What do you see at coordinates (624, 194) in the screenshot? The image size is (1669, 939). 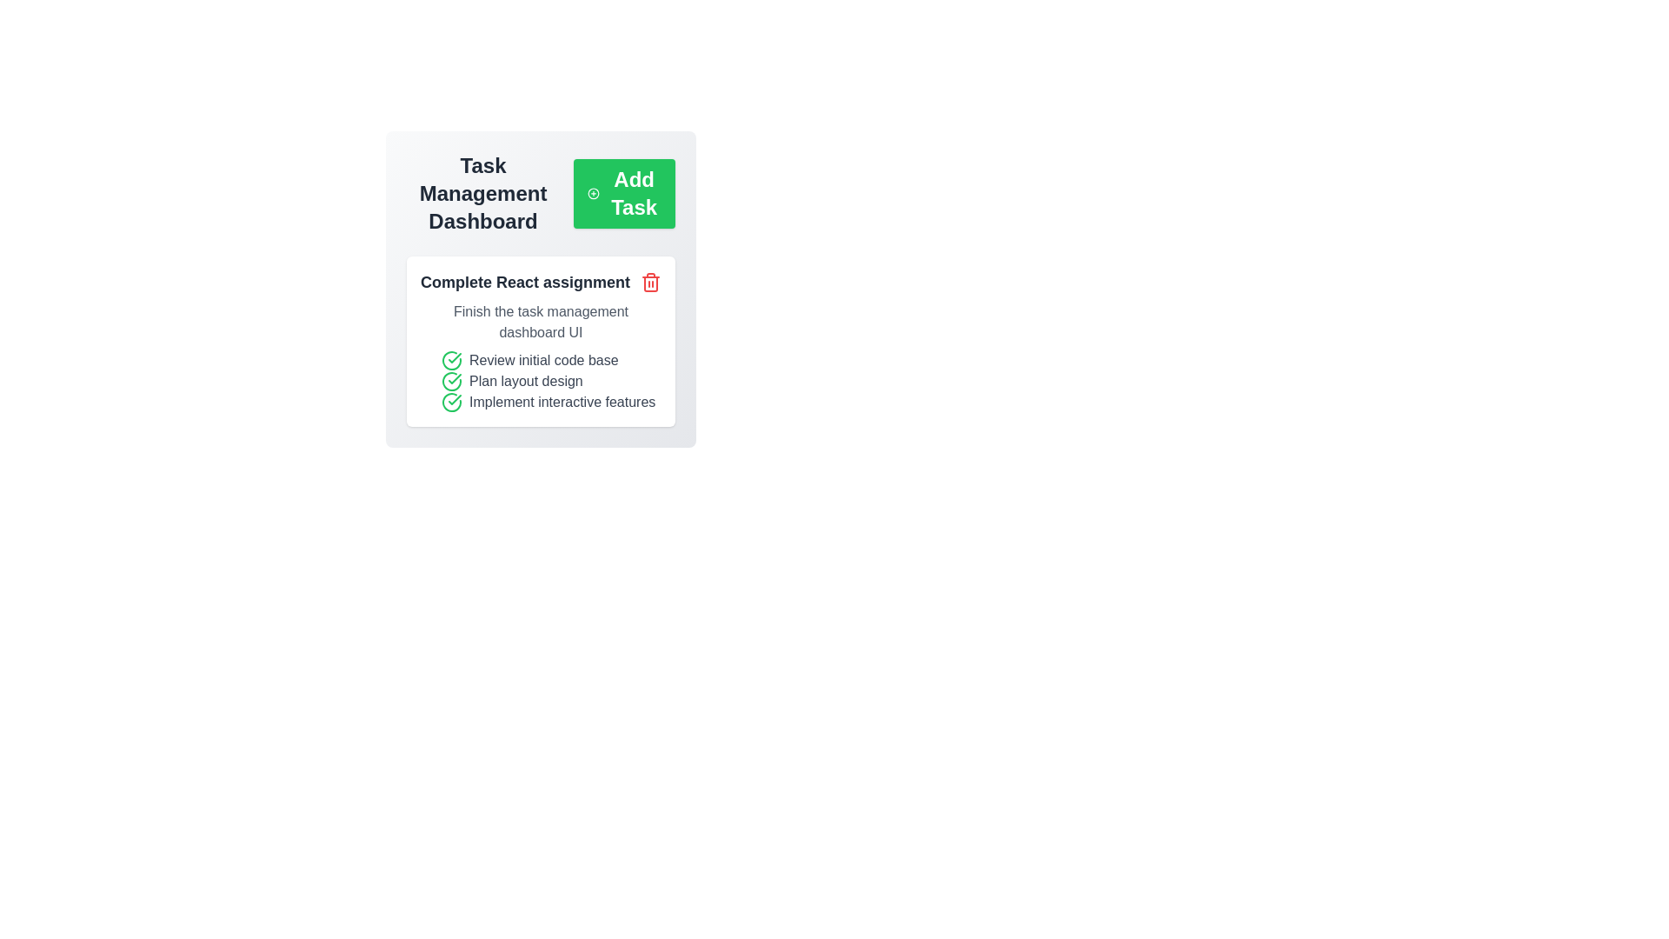 I see `the button located in the upper right region of the 'Task Management Dashboard'` at bounding box center [624, 194].